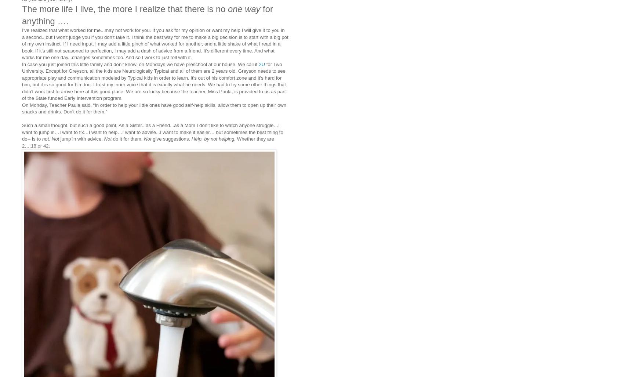  Describe the element at coordinates (214, 139) in the screenshot. I see `'Help, by not helping.'` at that location.